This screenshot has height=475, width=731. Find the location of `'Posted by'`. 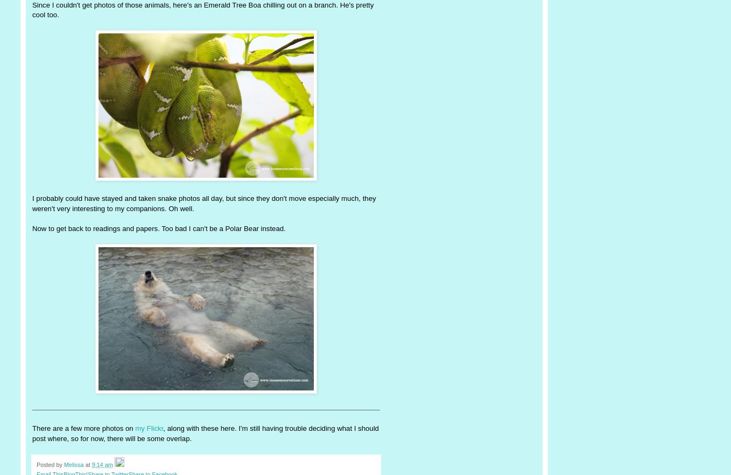

'Posted by' is located at coordinates (50, 464).